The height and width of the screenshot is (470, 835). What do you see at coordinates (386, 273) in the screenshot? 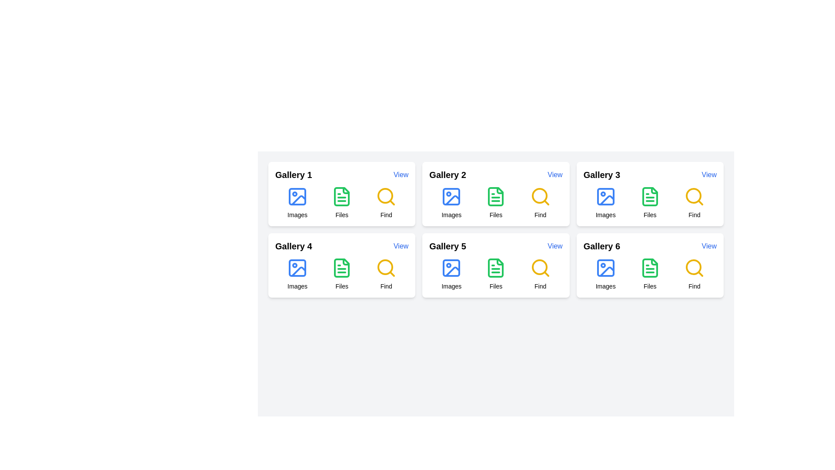
I see `the button-like interface in Gallery 4 that is positioned as the third option in the horizontal row below the gallery title` at bounding box center [386, 273].